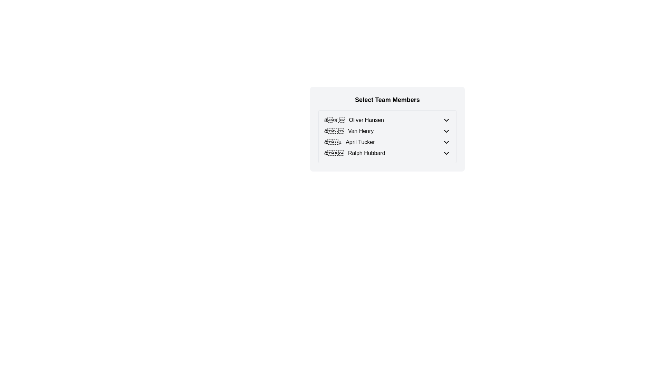 This screenshot has height=372, width=663. What do you see at coordinates (334, 153) in the screenshot?
I see `the decorative book emoji icon located to the left of the name 'Ralph Hubbard' in the bottom-most row of the selectable team members list` at bounding box center [334, 153].